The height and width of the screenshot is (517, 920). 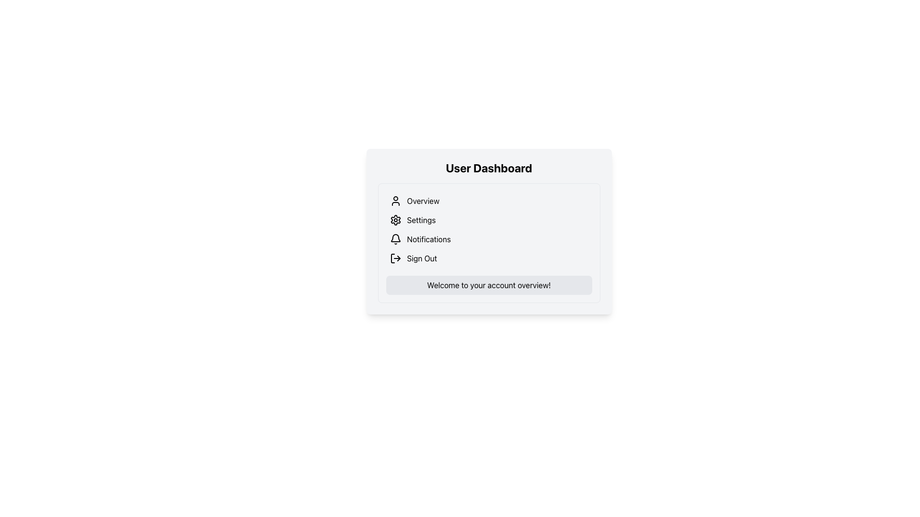 What do you see at coordinates (395, 220) in the screenshot?
I see `the gear-shaped icon representing the 'Settings' option` at bounding box center [395, 220].